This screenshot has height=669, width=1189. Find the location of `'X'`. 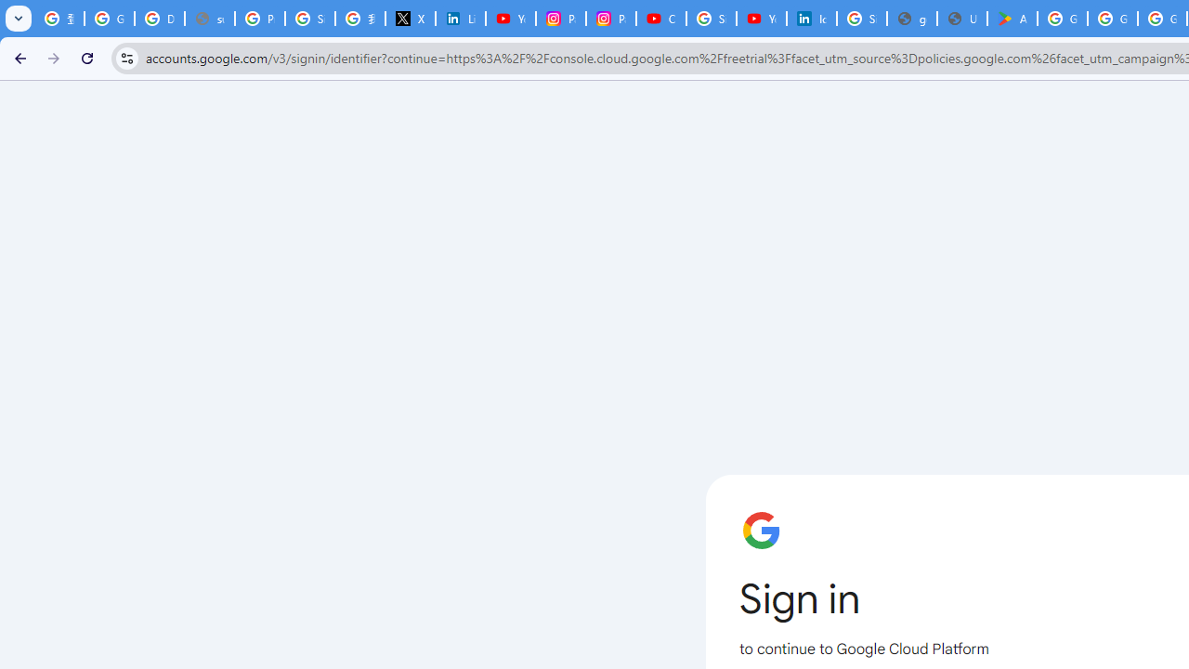

'X' is located at coordinates (409, 19).